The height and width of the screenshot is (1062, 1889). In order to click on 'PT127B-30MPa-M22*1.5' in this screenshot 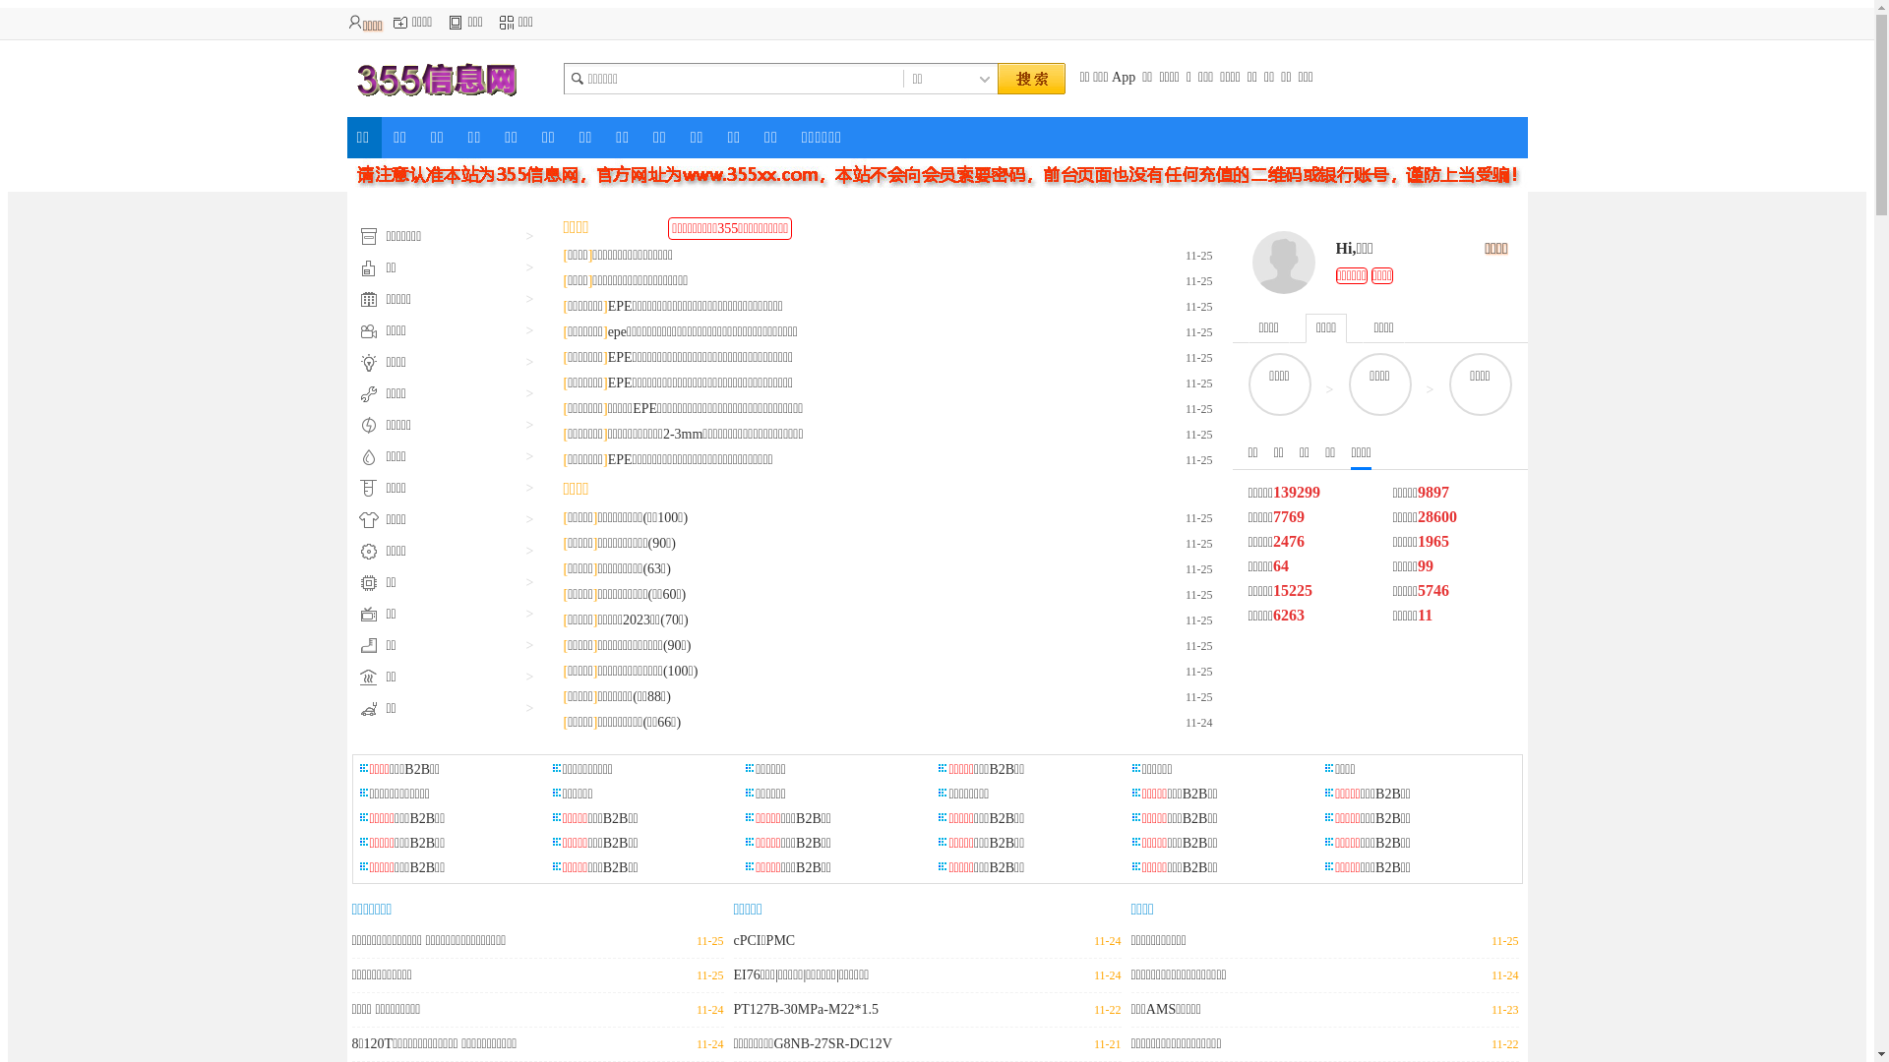, I will do `click(732, 1009)`.